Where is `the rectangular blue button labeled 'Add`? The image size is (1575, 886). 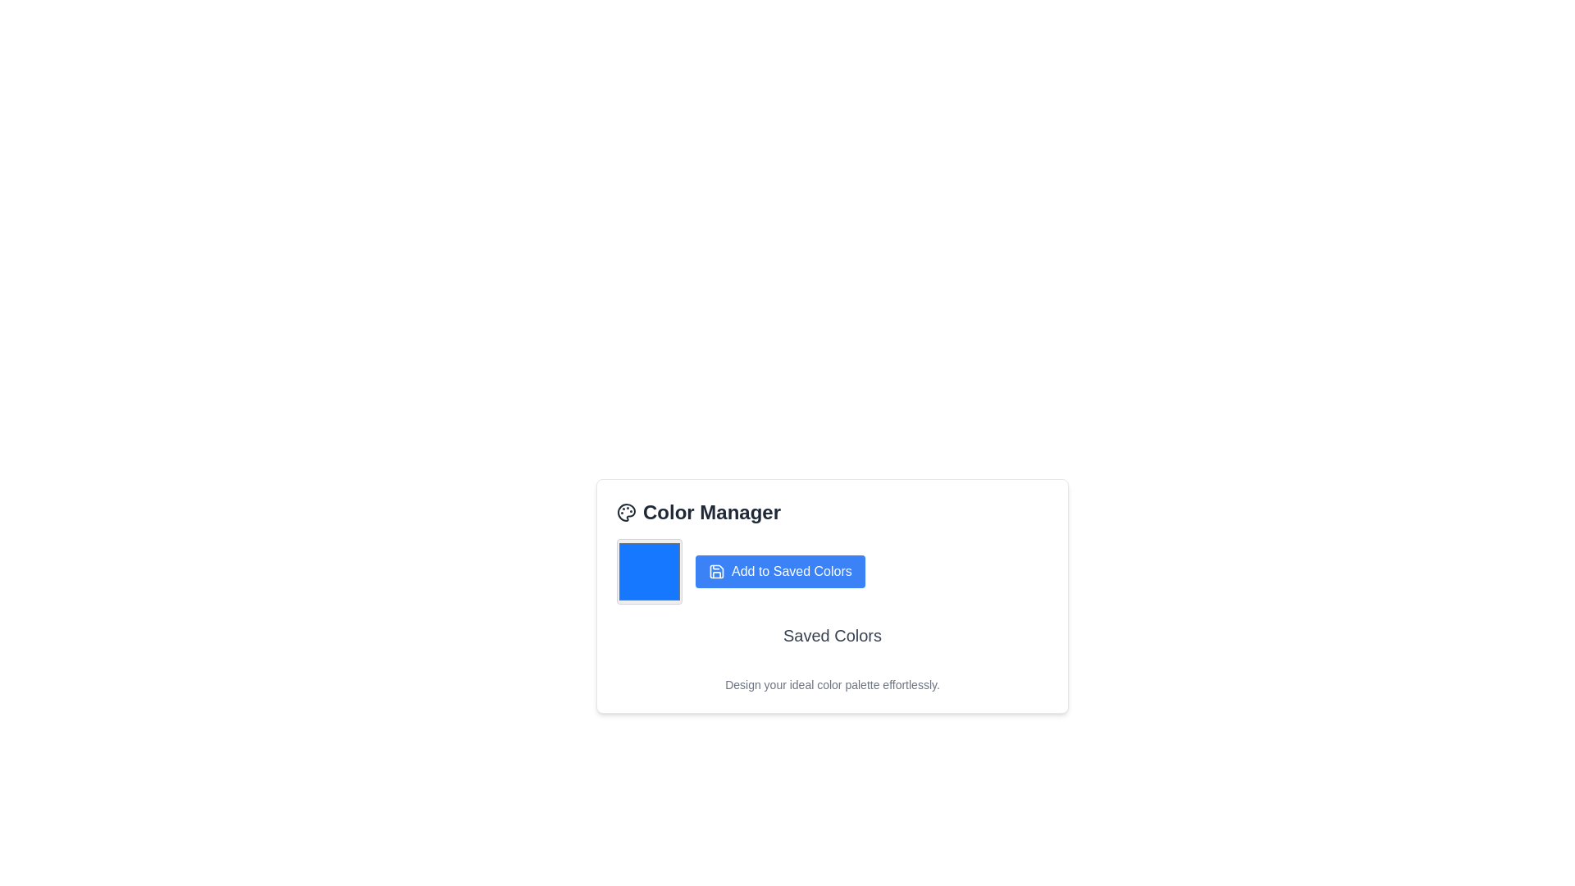
the rectangular blue button labeled 'Add is located at coordinates (779, 571).